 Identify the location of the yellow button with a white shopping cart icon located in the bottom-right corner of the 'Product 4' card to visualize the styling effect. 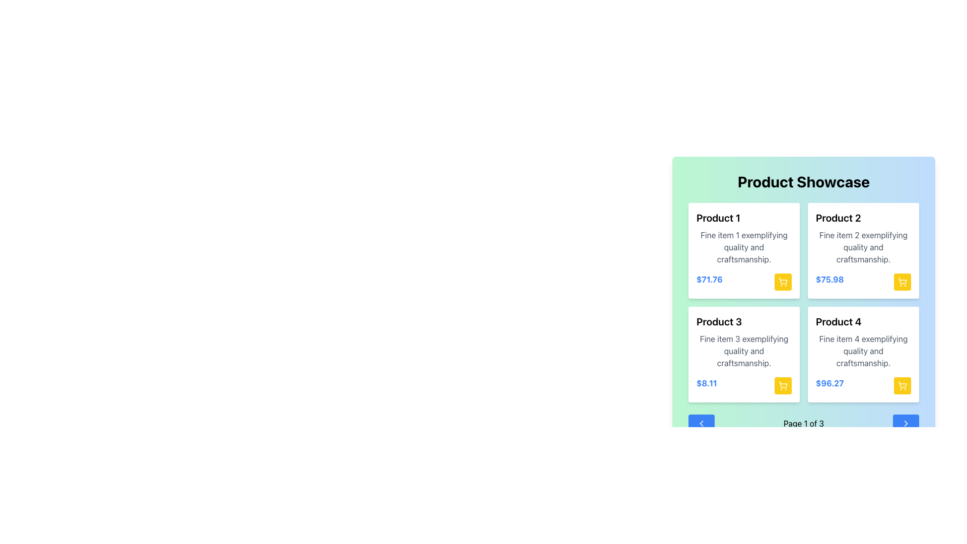
(902, 385).